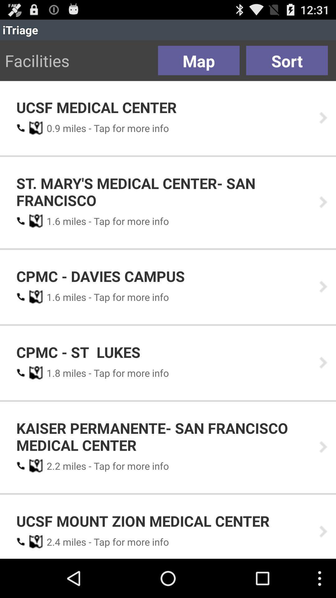  What do you see at coordinates (51, 128) in the screenshot?
I see `0.9 item` at bounding box center [51, 128].